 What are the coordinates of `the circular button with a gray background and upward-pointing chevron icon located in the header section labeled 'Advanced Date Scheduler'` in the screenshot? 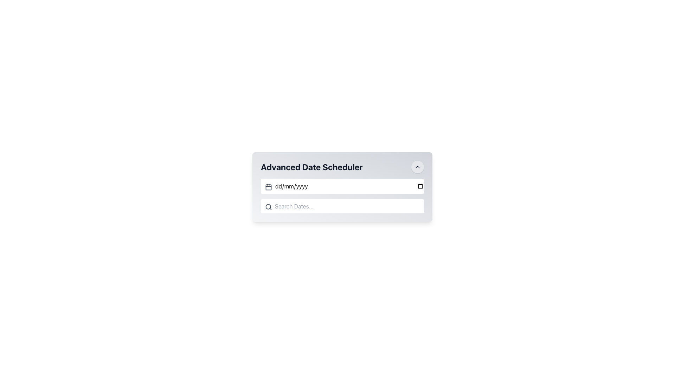 It's located at (418, 167).